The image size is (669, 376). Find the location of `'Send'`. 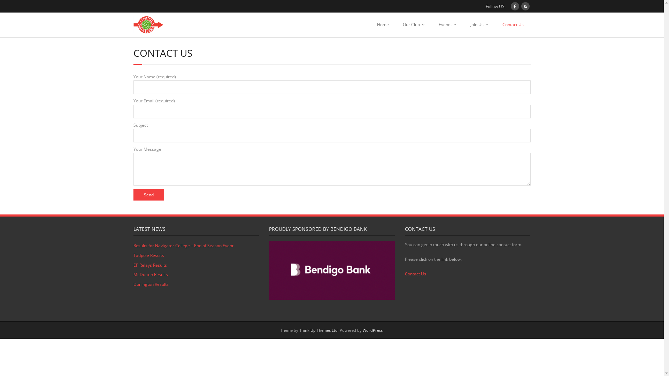

'Send' is located at coordinates (133, 195).